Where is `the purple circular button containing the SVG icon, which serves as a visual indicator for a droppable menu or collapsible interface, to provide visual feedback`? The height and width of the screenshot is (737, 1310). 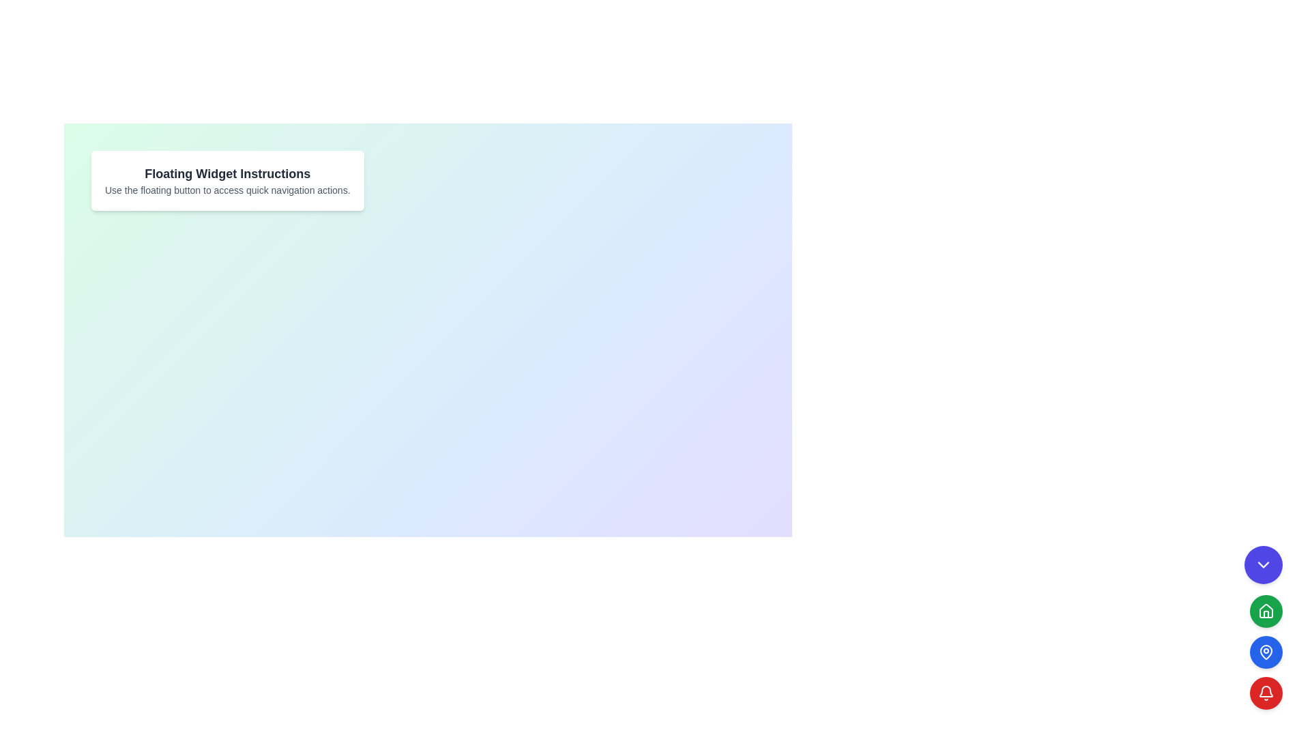 the purple circular button containing the SVG icon, which serves as a visual indicator for a droppable menu or collapsible interface, to provide visual feedback is located at coordinates (1263, 565).